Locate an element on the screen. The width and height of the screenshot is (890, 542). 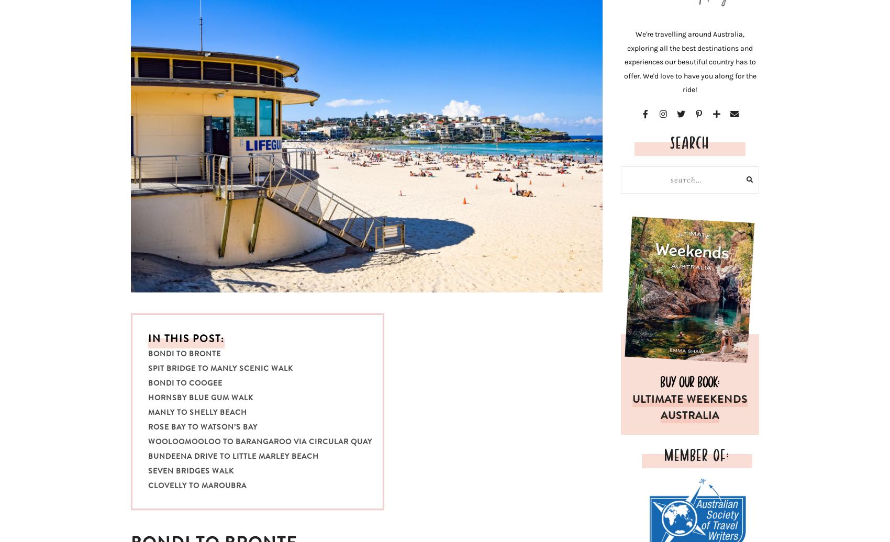
'ULTIMATE WEEKENDS AUSTRALIA' is located at coordinates (690, 407).